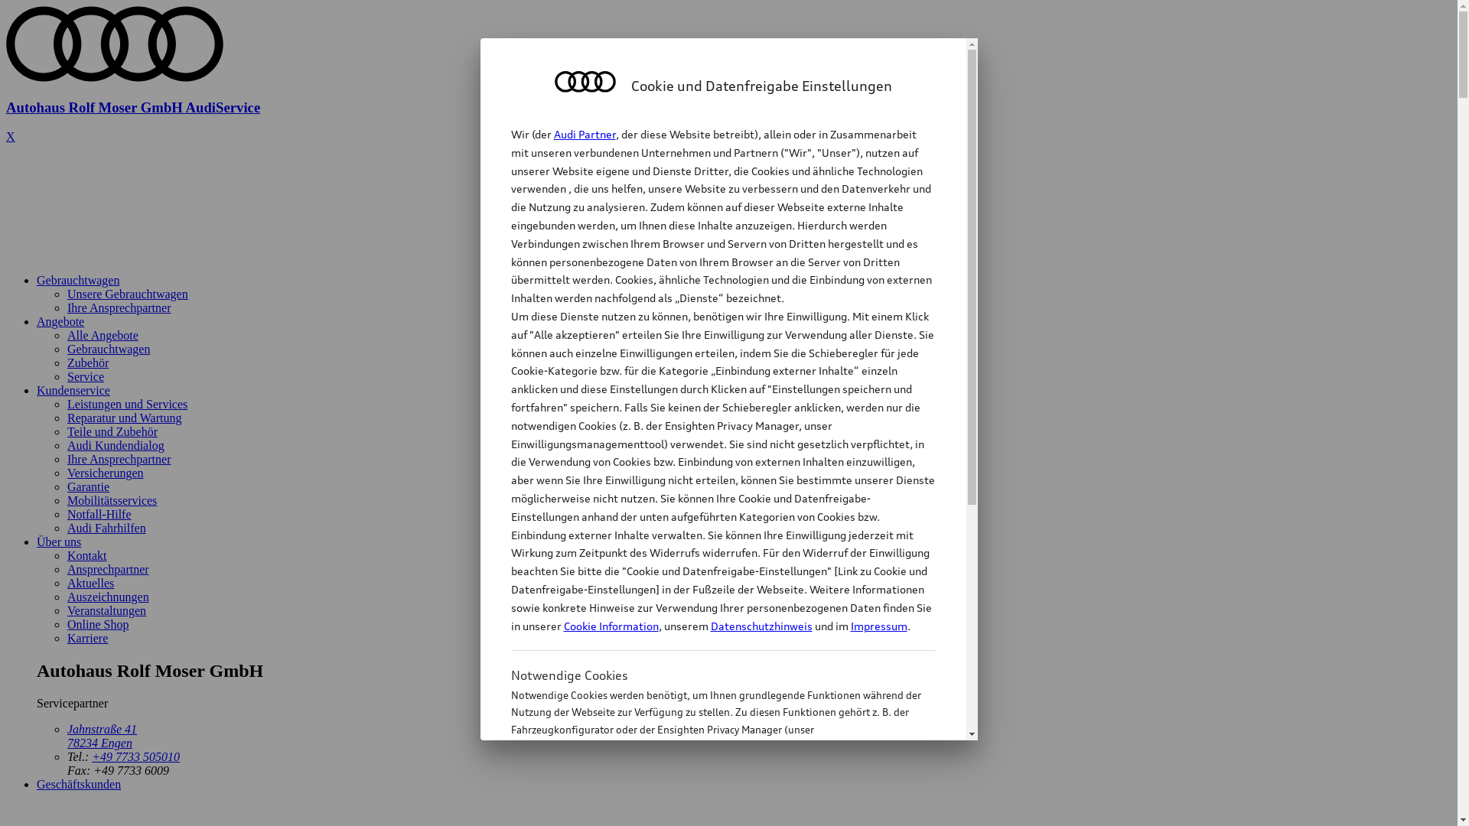 The width and height of the screenshot is (1469, 826). What do you see at coordinates (761, 626) in the screenshot?
I see `'Datenschutzhinweis'` at bounding box center [761, 626].